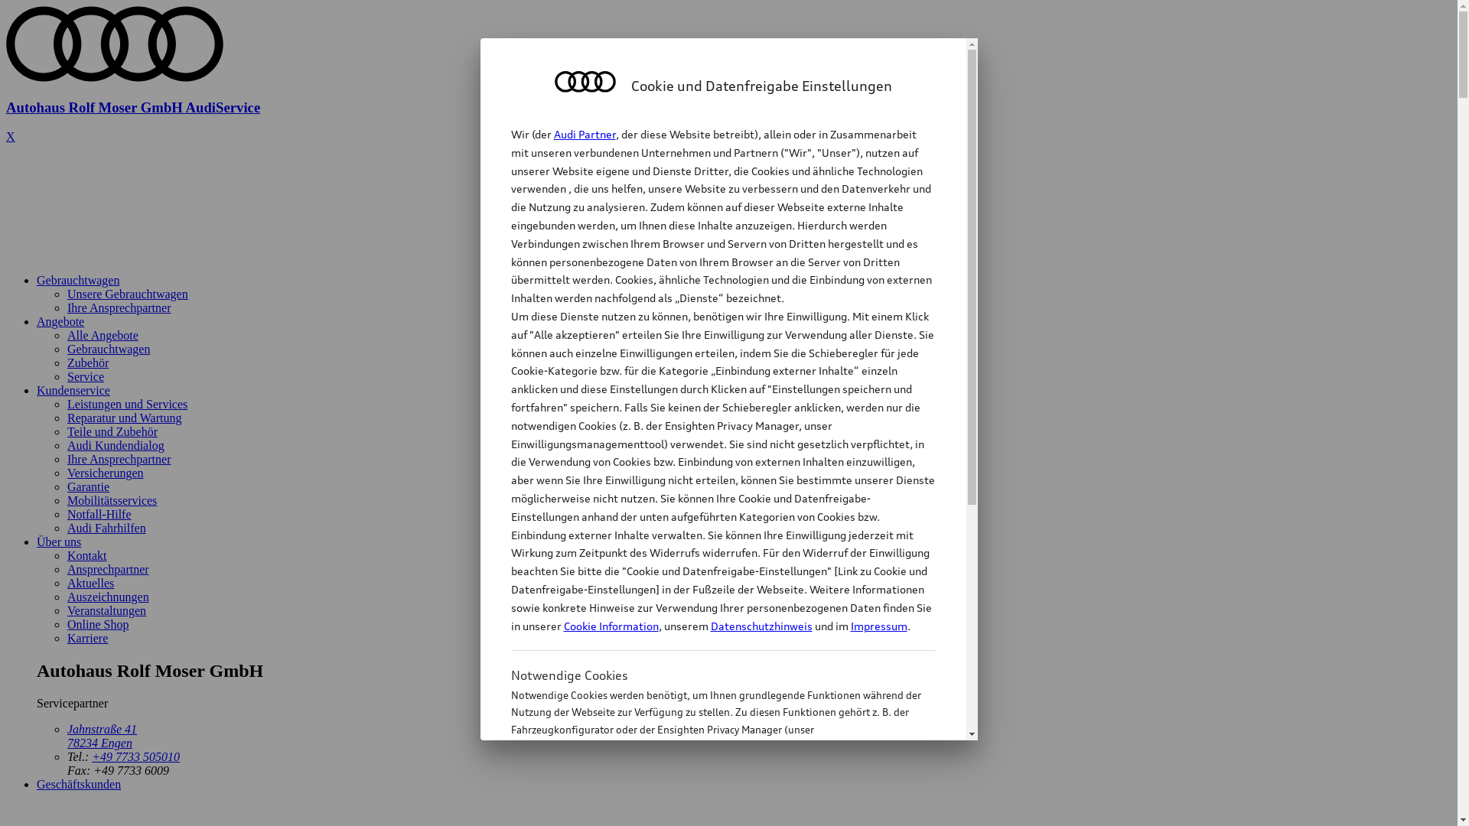 The width and height of the screenshot is (1469, 826). What do you see at coordinates (761, 626) in the screenshot?
I see `'Datenschutzhinweis'` at bounding box center [761, 626].